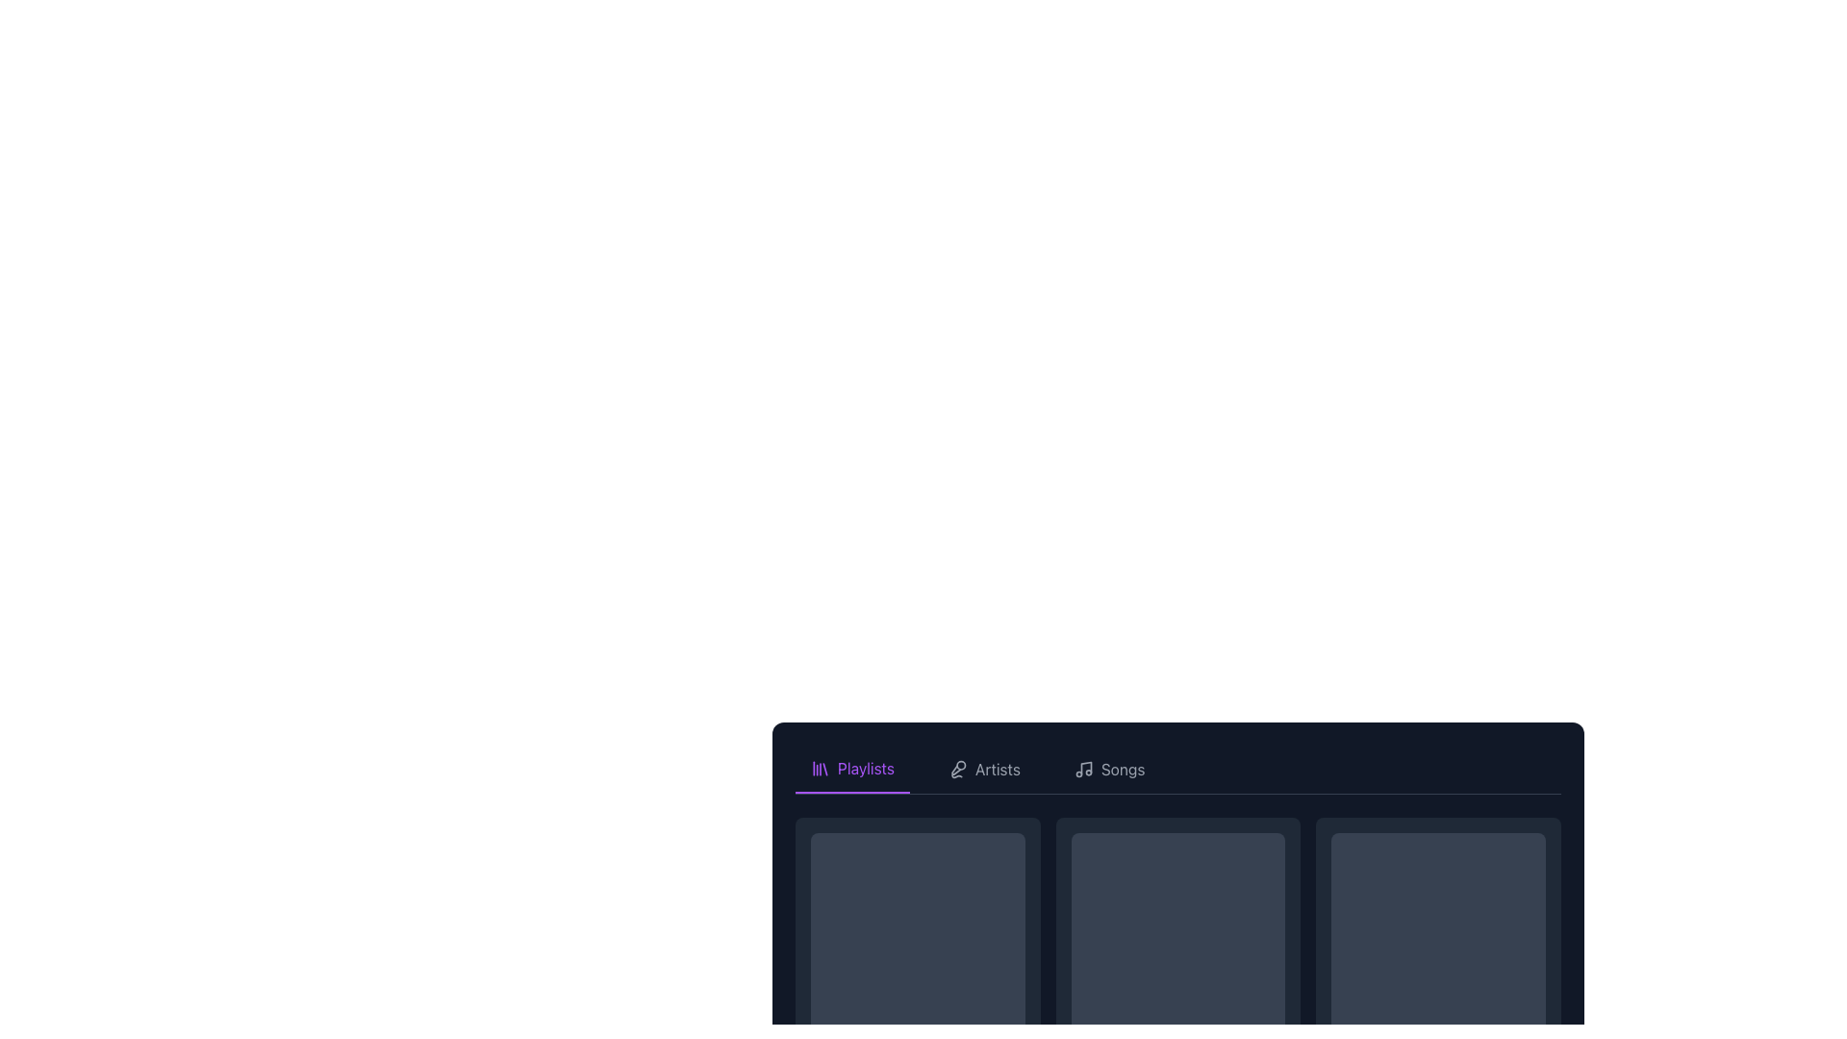  What do you see at coordinates (1109, 768) in the screenshot?
I see `the 'Songs' interactive navigation menu item` at bounding box center [1109, 768].